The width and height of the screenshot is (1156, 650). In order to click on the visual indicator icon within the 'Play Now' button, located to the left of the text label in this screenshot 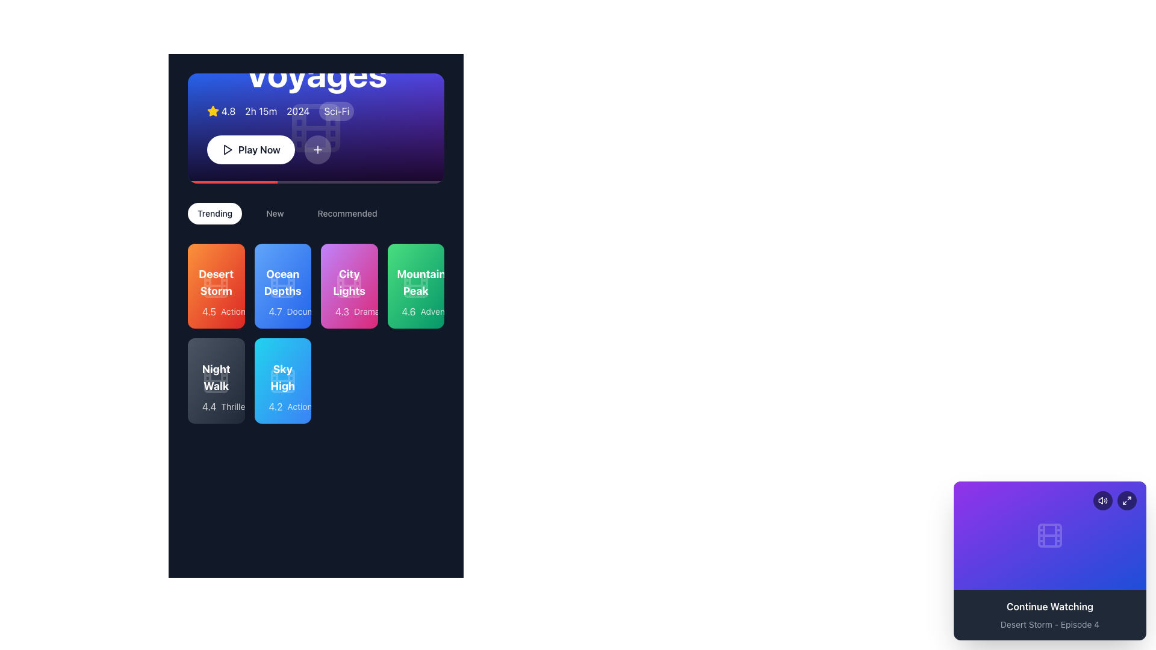, I will do `click(228, 148)`.